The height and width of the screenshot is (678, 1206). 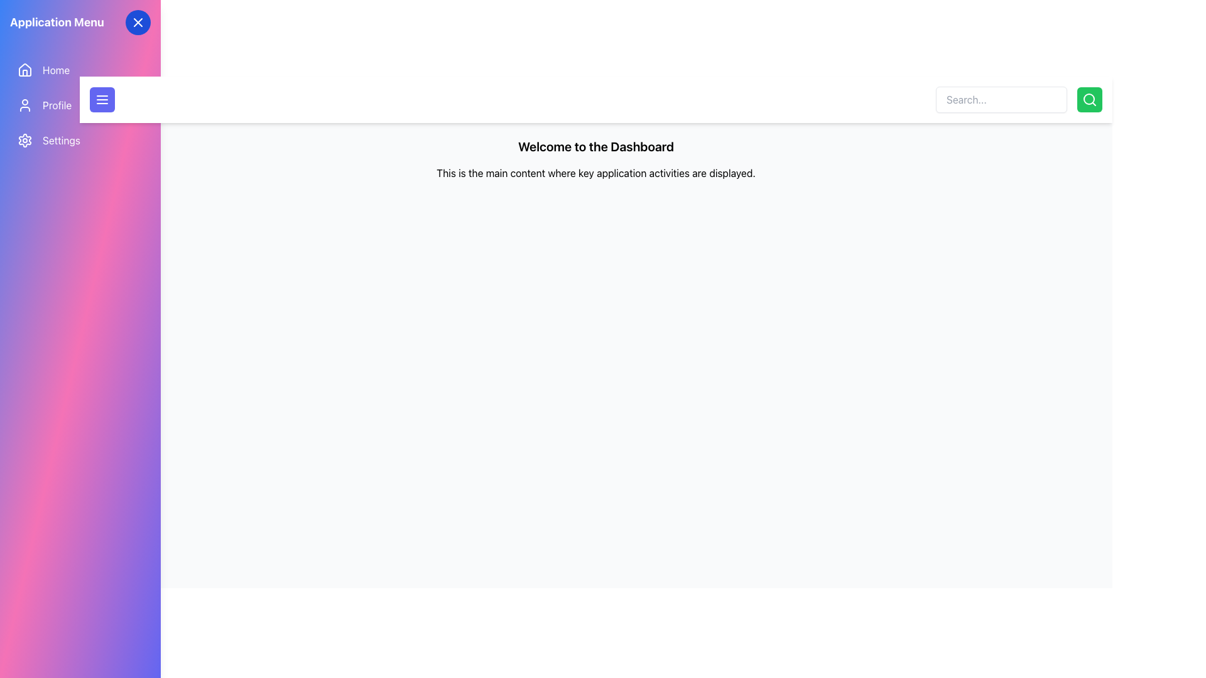 I want to click on the 'Settings' icon located in the sidebar menu, so click(x=24, y=140).